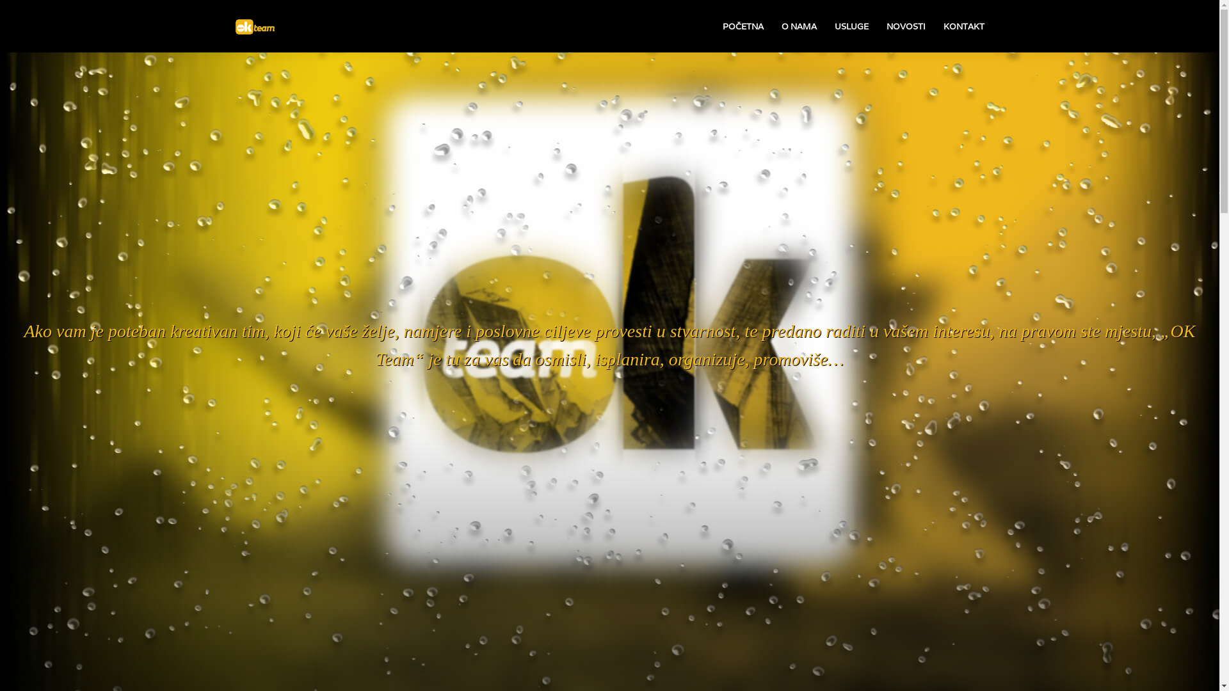  Describe the element at coordinates (798, 26) in the screenshot. I see `'O NAMA'` at that location.